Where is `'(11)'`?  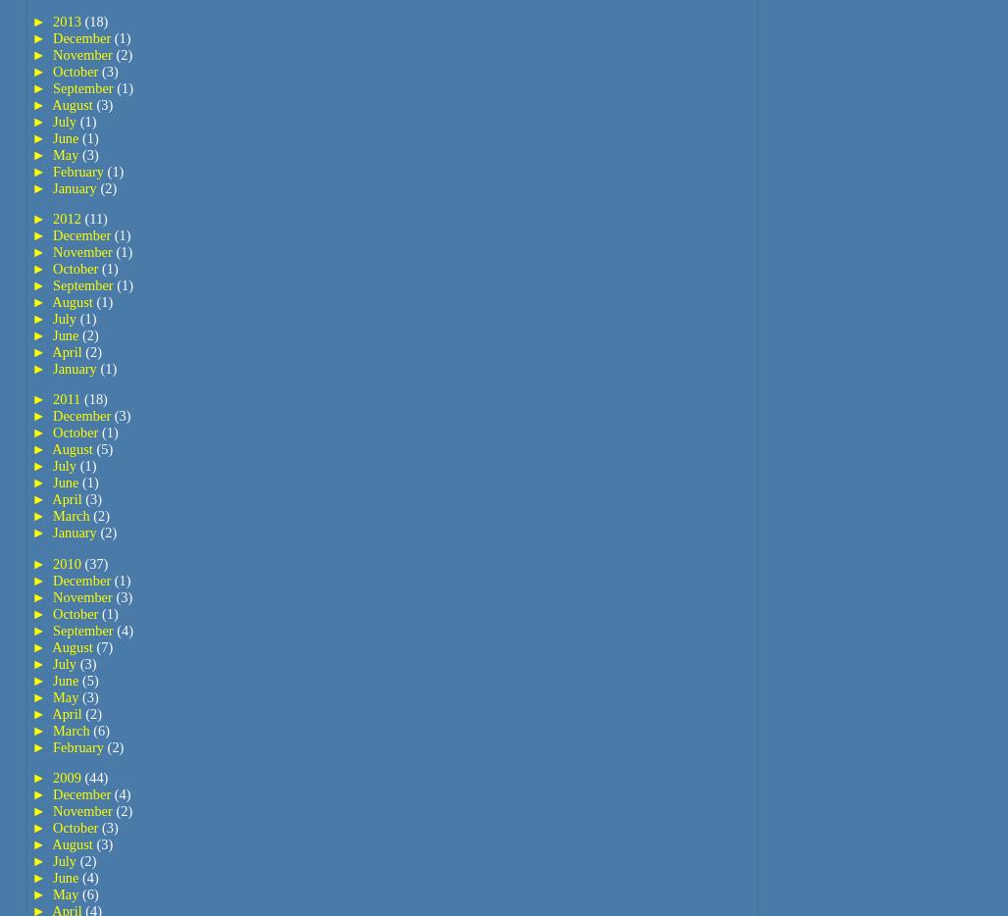 '(11)' is located at coordinates (94, 218).